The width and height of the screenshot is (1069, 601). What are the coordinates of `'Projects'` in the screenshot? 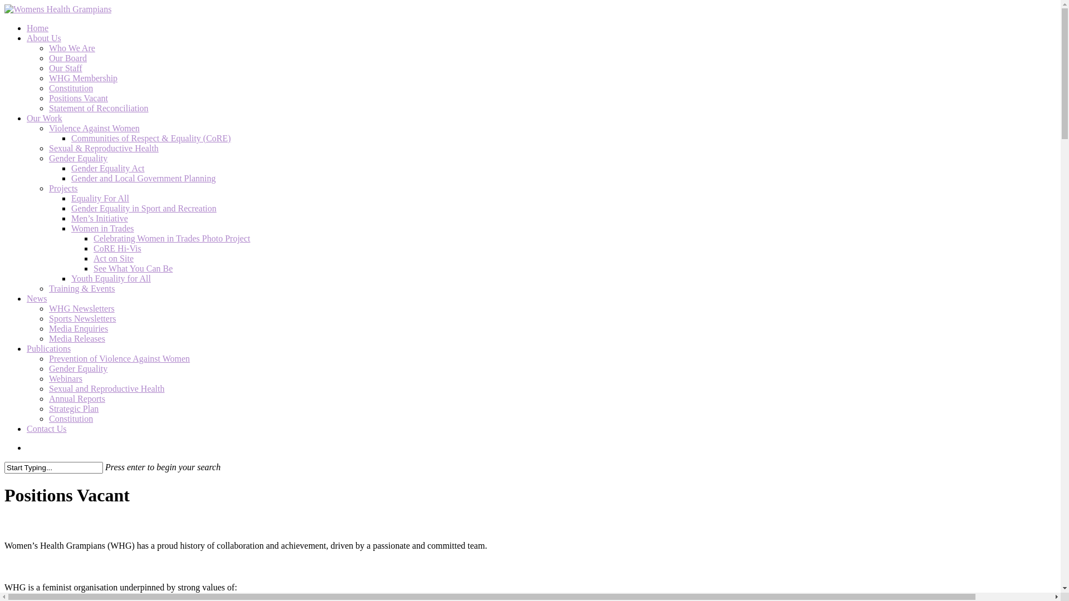 It's located at (63, 188).